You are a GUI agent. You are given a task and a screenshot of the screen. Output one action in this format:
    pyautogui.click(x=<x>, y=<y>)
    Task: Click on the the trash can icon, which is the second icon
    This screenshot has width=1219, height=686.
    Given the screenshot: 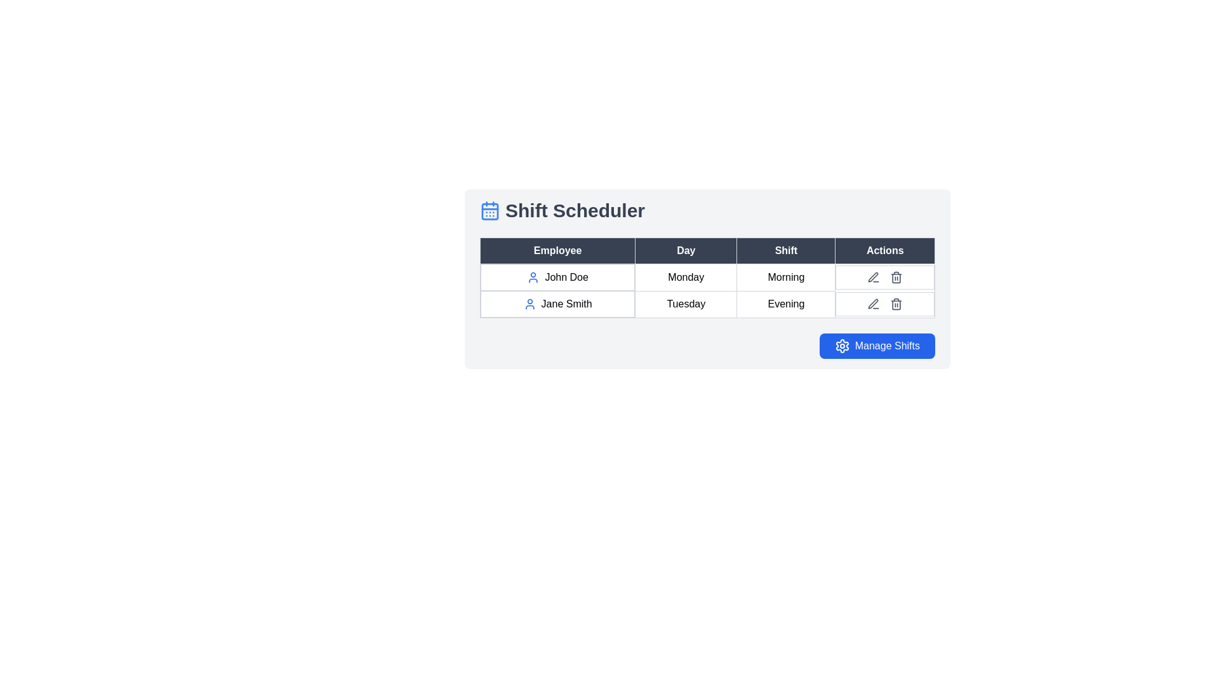 What is the action you would take?
    pyautogui.click(x=896, y=276)
    